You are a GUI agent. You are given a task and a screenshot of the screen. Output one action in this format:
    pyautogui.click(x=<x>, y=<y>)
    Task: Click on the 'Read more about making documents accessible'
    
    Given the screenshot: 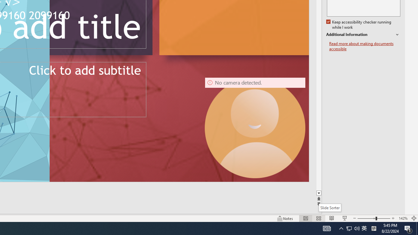 What is the action you would take?
    pyautogui.click(x=364, y=46)
    